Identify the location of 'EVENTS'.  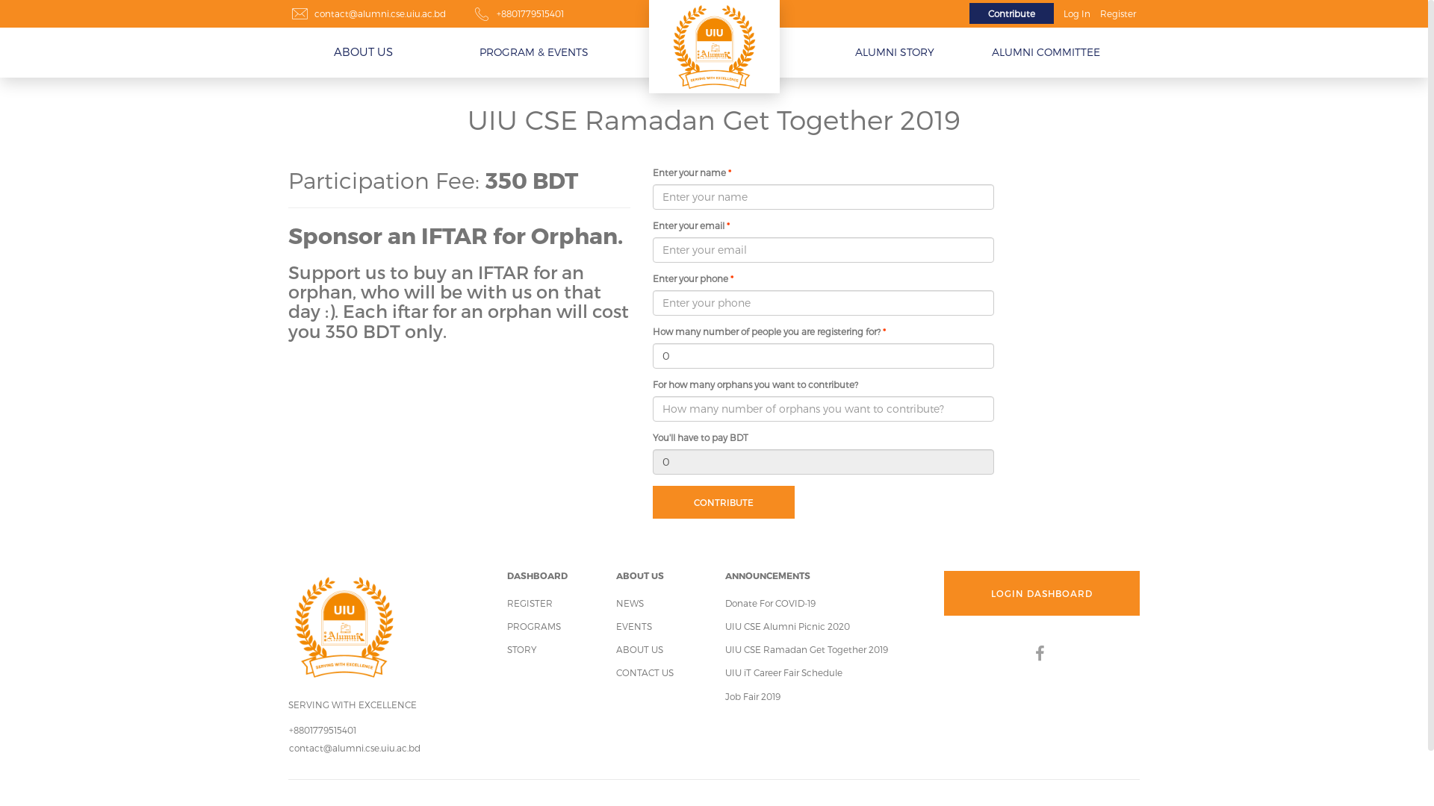
(634, 626).